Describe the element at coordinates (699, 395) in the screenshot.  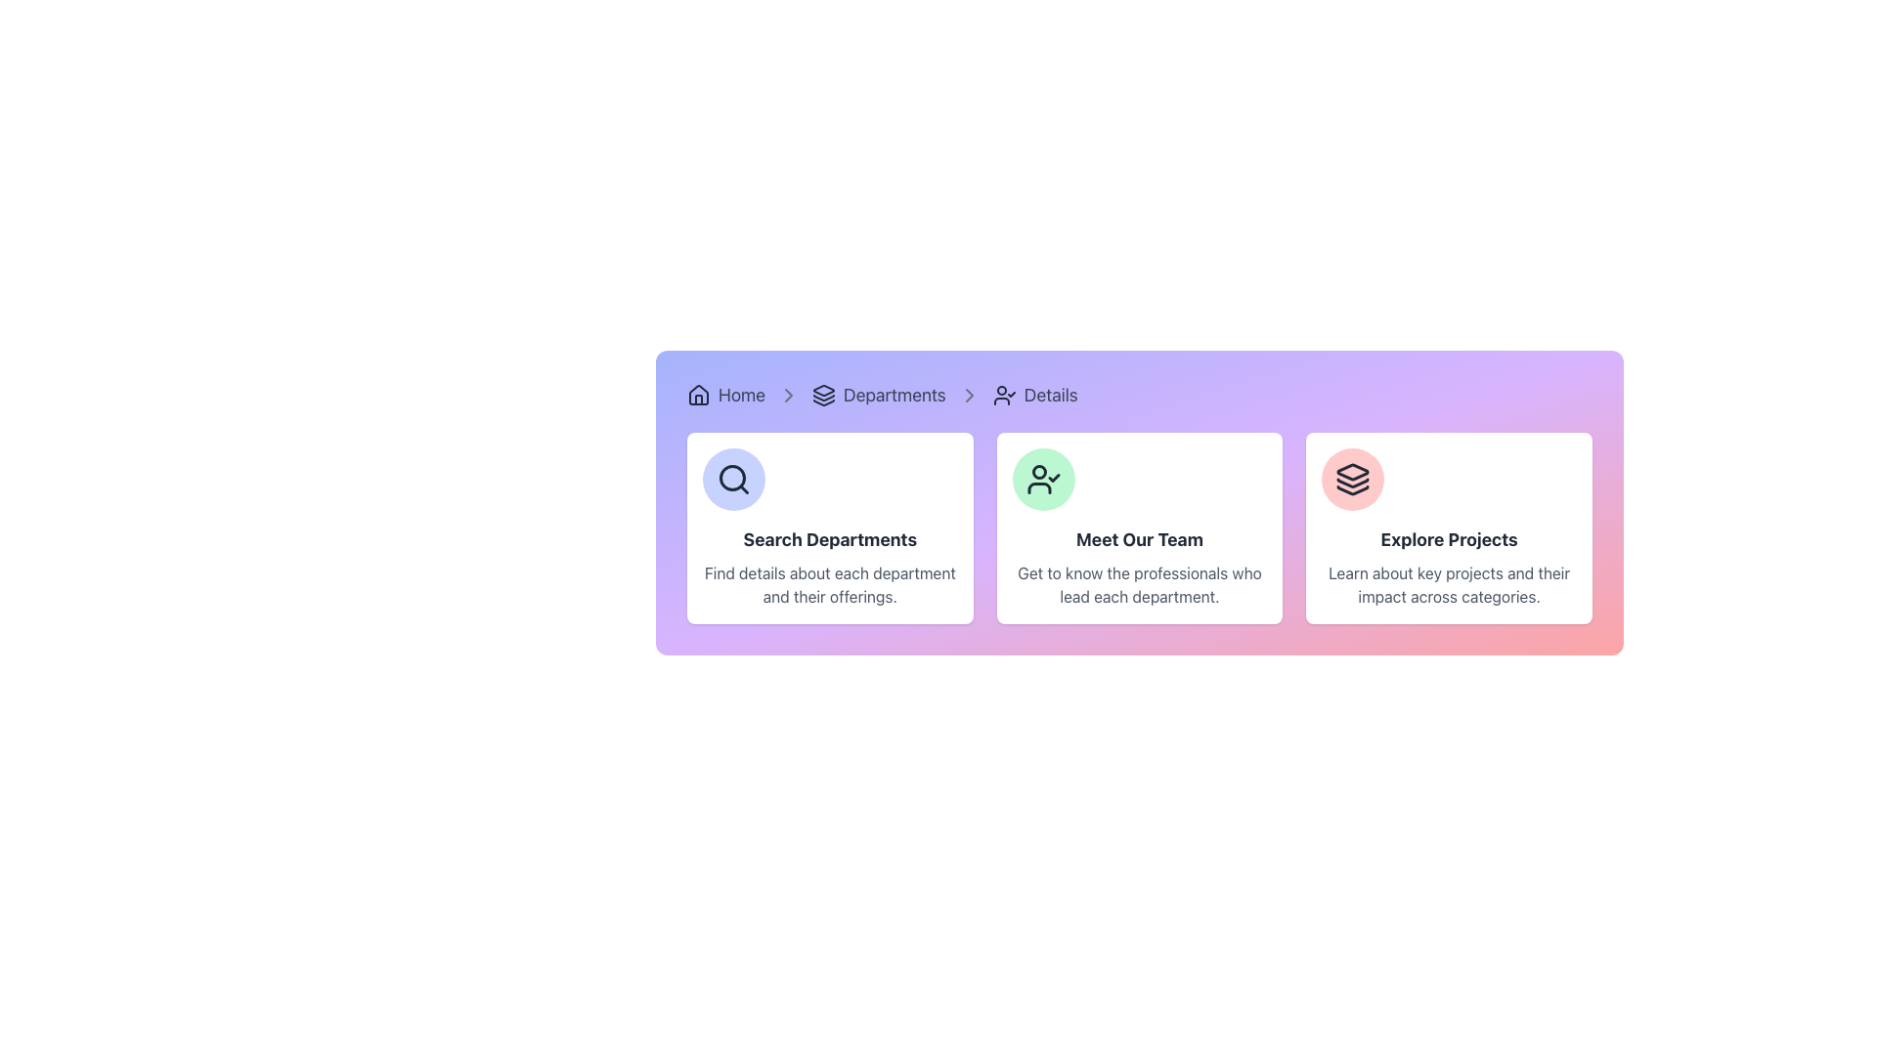
I see `the stylized house icon in the breadcrumb navigation bar located at the top-left corner of the layout` at that location.